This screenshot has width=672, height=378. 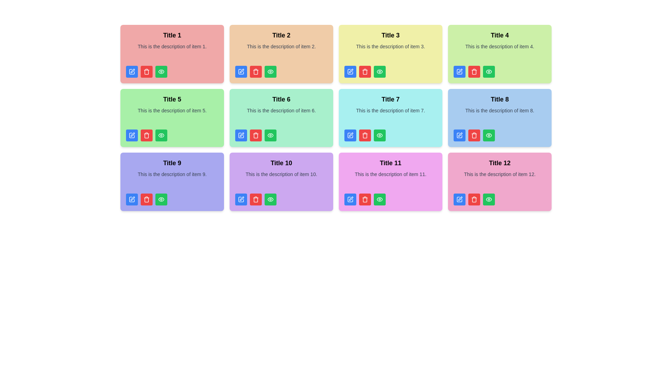 What do you see at coordinates (242, 198) in the screenshot?
I see `the pen icon` at bounding box center [242, 198].